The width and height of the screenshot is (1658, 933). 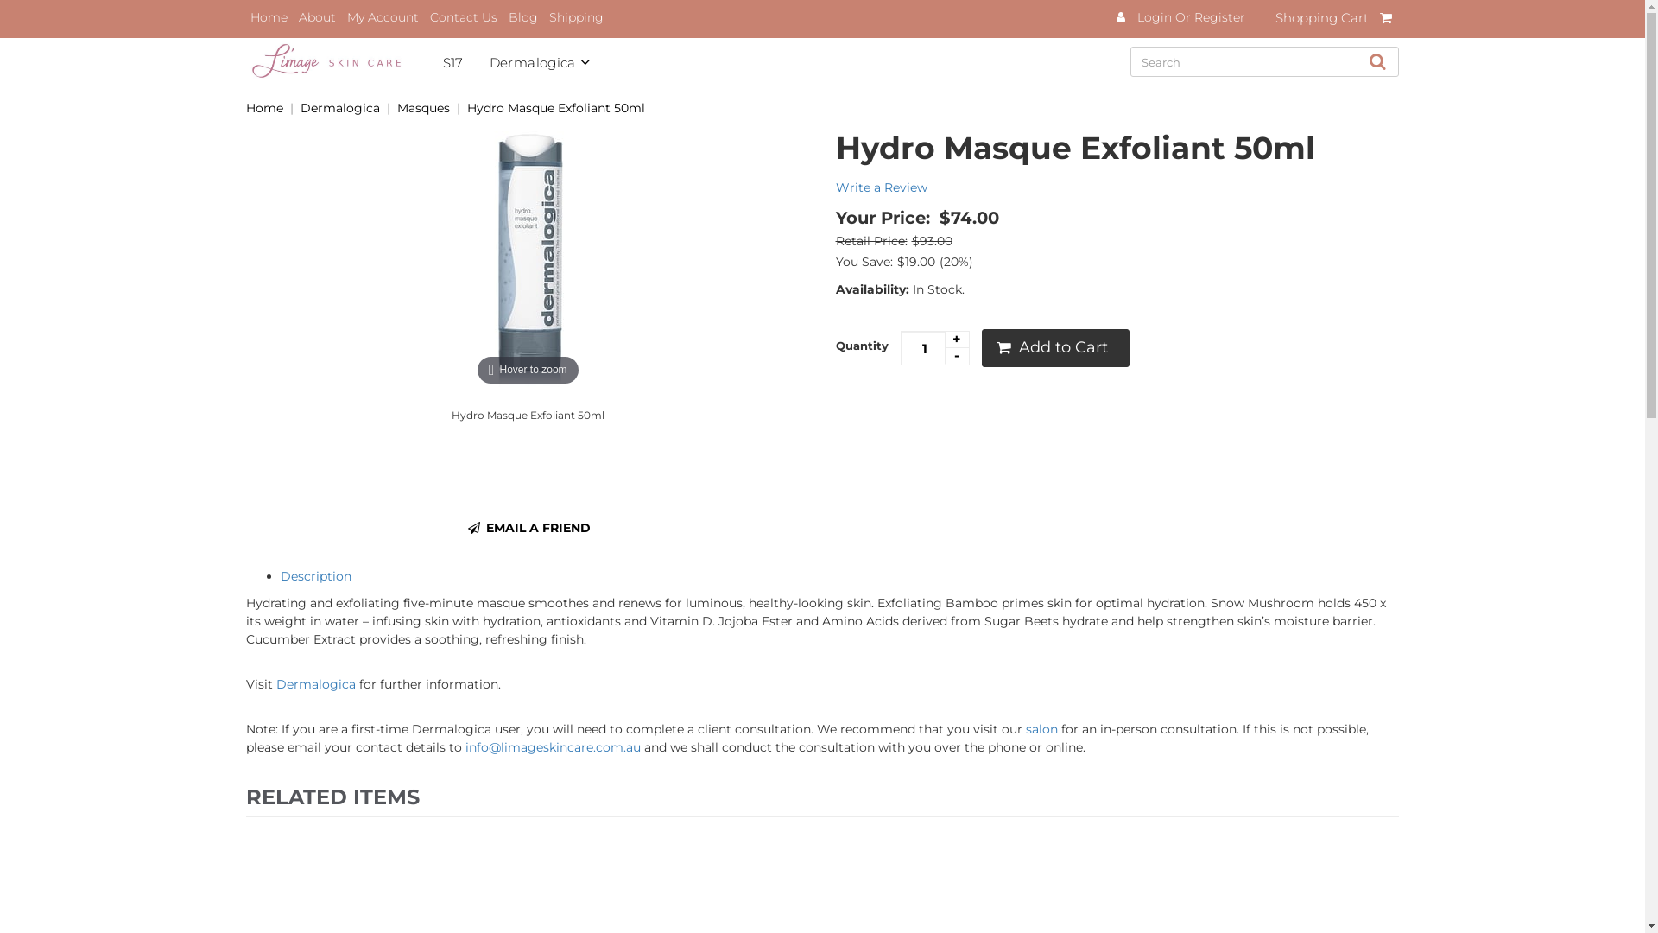 I want to click on 'Shipping', so click(x=543, y=16).